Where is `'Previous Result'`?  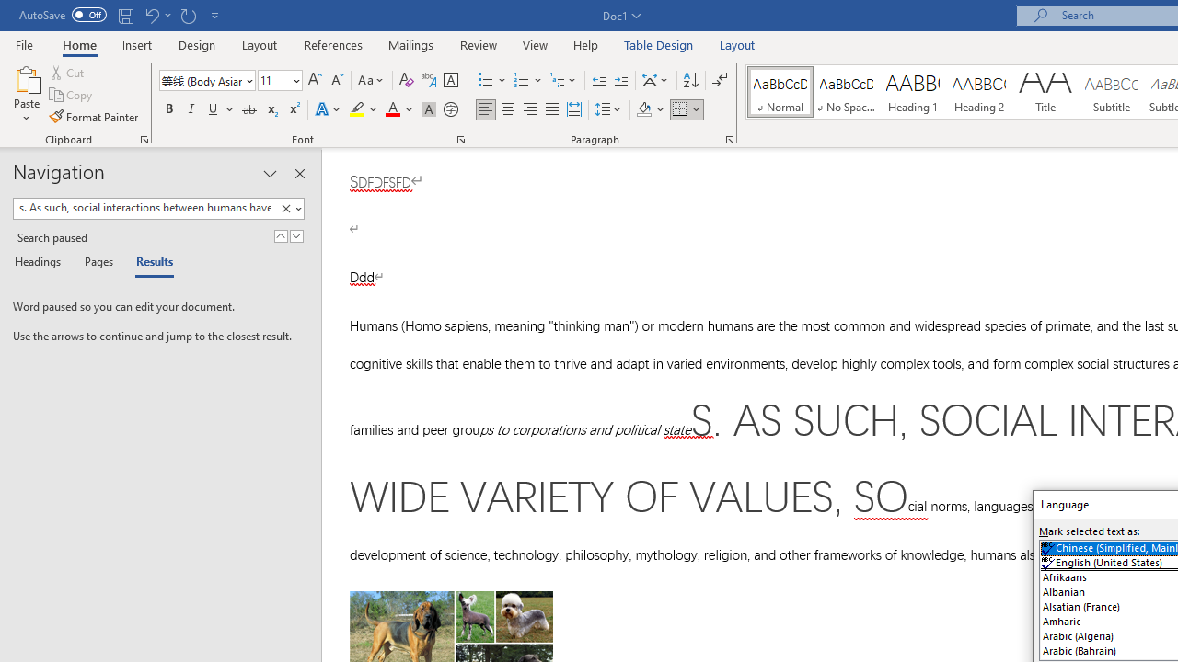 'Previous Result' is located at coordinates (280, 235).